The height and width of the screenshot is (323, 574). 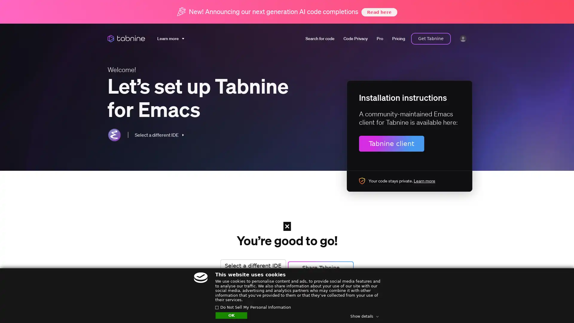 What do you see at coordinates (543, 300) in the screenshot?
I see `Dismiss Message` at bounding box center [543, 300].